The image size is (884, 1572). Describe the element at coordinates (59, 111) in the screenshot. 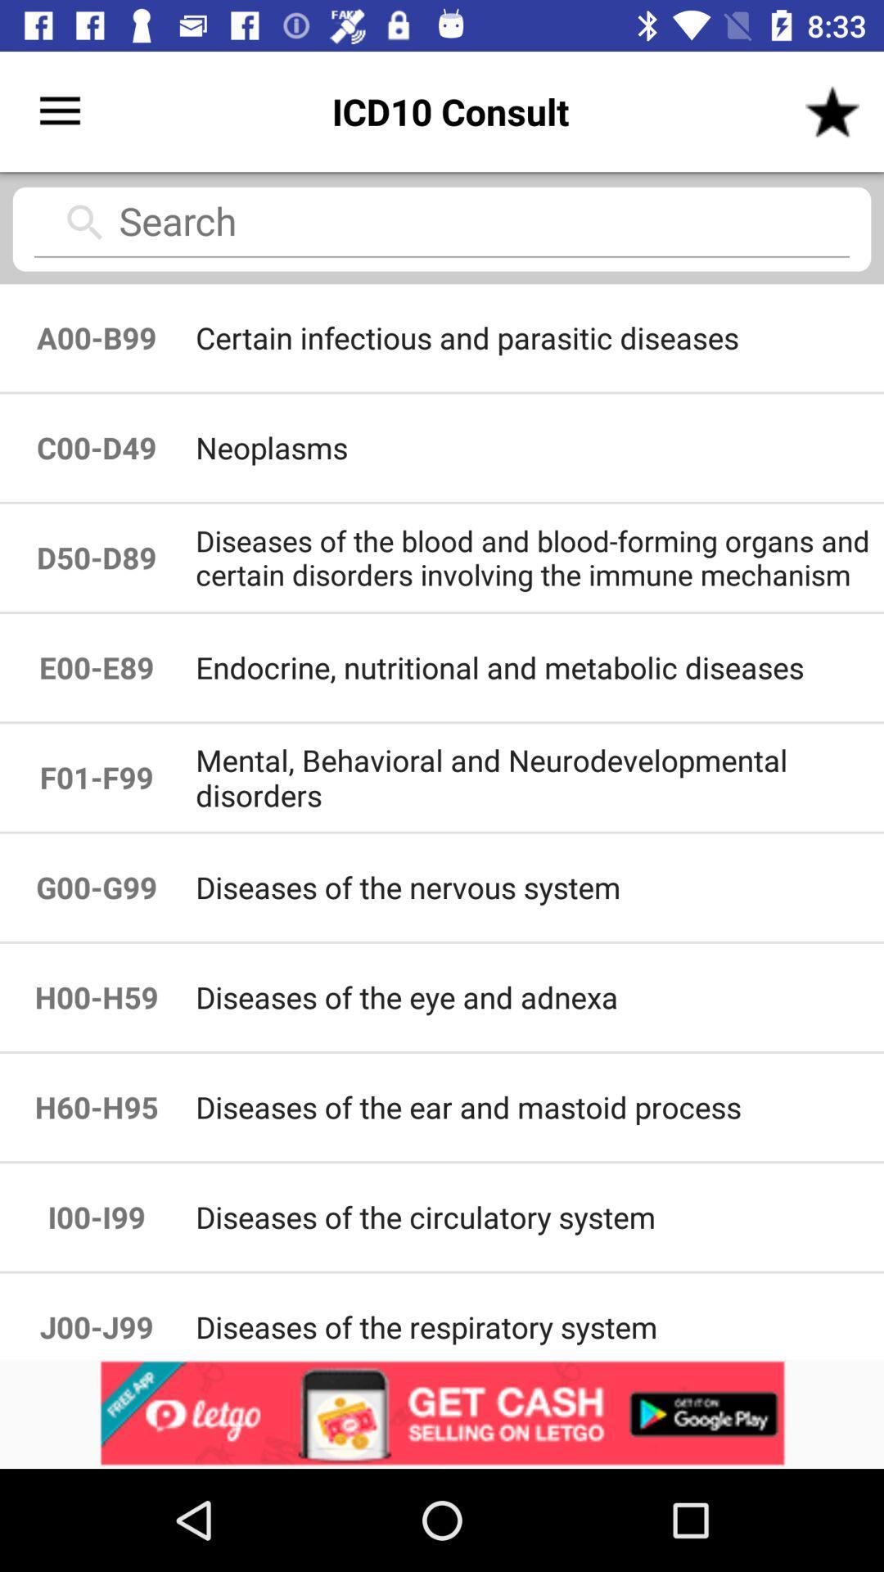

I see `the item next to icd10 consult` at that location.